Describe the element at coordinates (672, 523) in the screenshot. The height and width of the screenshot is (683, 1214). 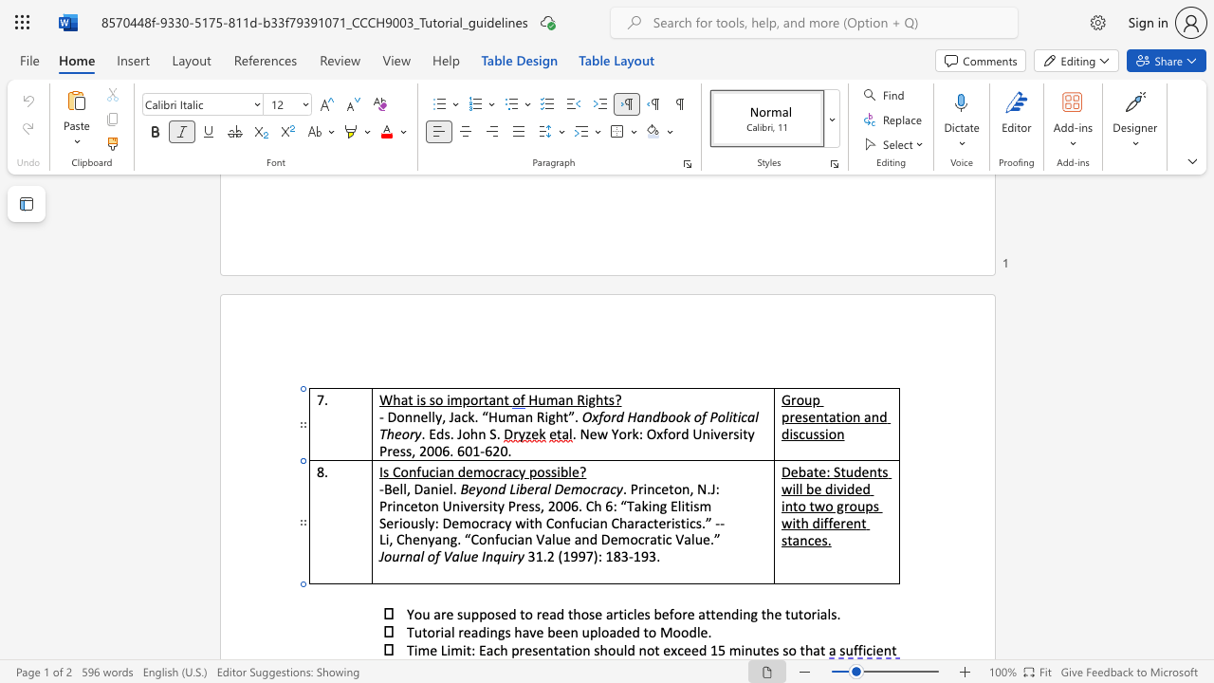
I see `the 4th character "i" in the text` at that location.